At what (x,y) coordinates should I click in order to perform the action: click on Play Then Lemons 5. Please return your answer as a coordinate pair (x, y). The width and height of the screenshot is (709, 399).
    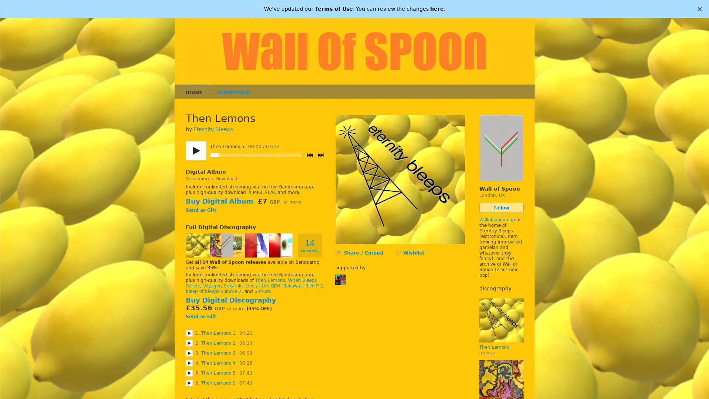
    Looking at the image, I should click on (189, 373).